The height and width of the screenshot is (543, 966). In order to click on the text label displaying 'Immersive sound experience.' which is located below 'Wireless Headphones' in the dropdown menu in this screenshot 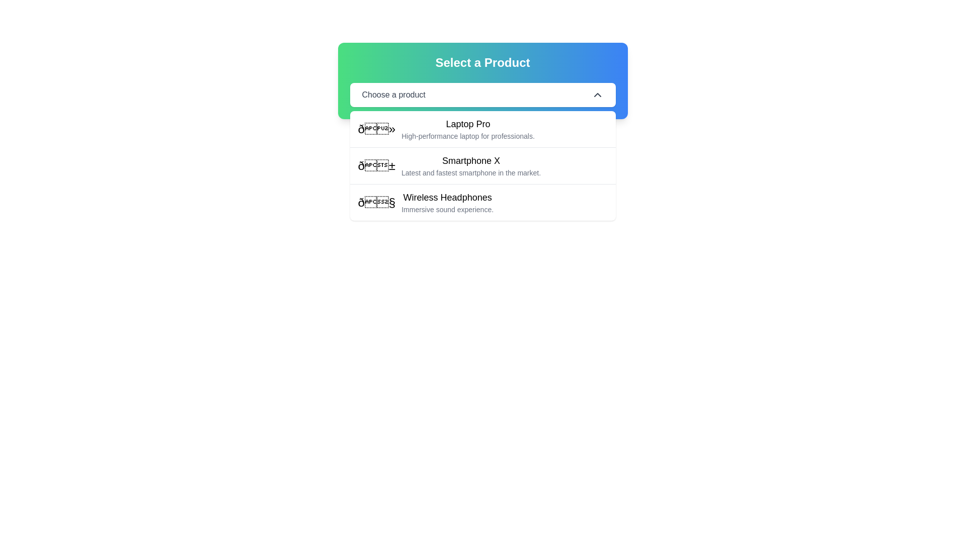, I will do `click(447, 209)`.